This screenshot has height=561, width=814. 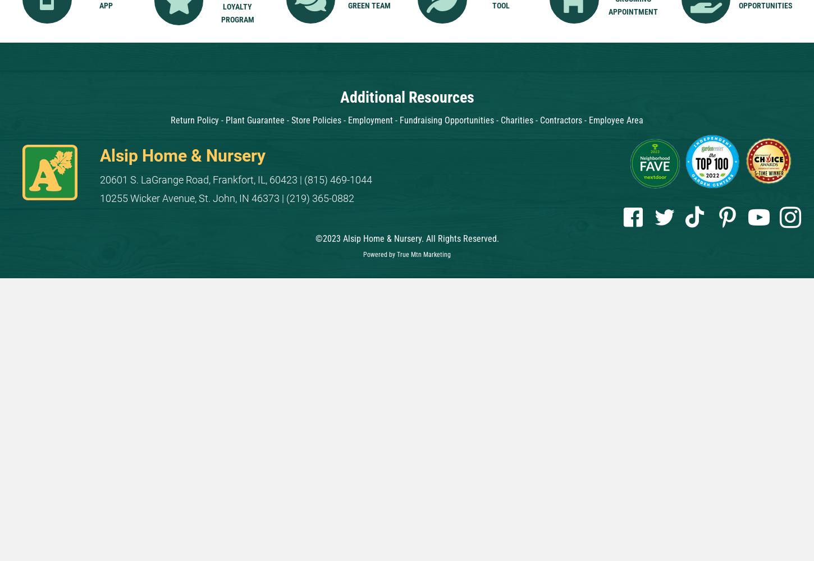 What do you see at coordinates (236, 13) in the screenshot?
I see `'LOYALTY PROGRAM'` at bounding box center [236, 13].